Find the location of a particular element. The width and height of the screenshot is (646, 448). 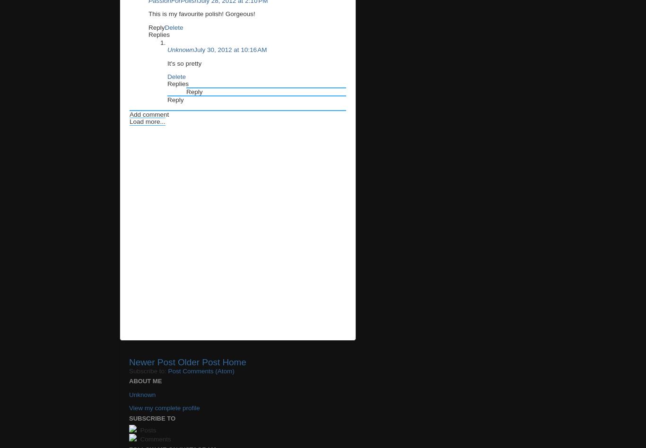

'This is my favourite polish! Gorgeous!' is located at coordinates (201, 14).